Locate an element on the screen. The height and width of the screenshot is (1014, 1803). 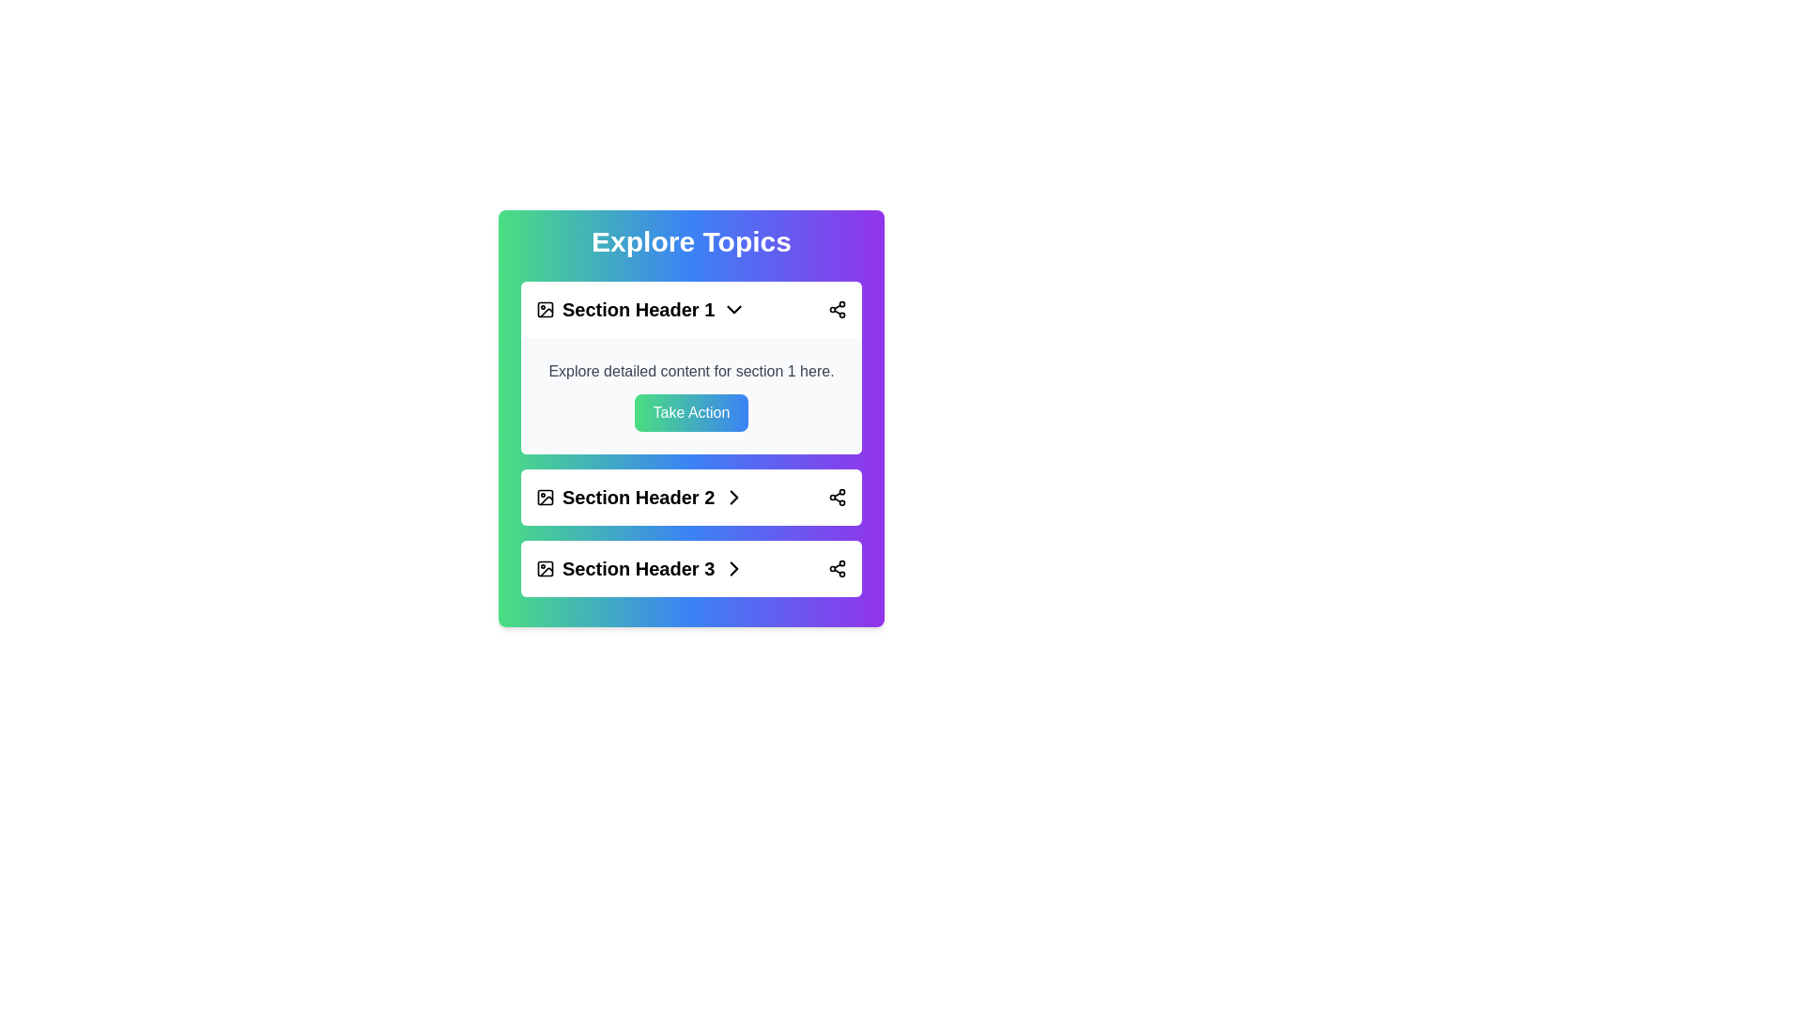
the image icon associated with the 'Section Header 2' label, which is positioned to the immediate left of the text 'Section Header 2' is located at coordinates (544, 496).